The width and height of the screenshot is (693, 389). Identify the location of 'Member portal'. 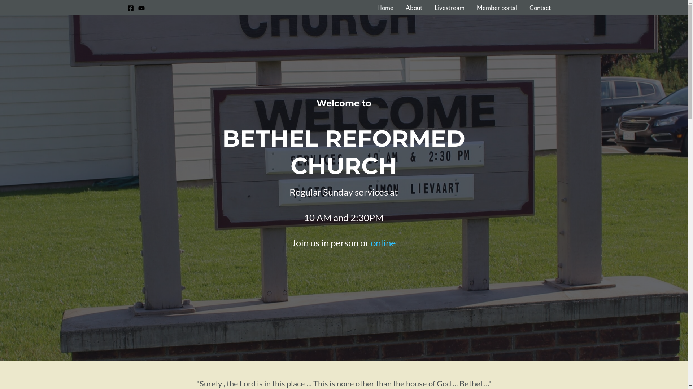
(497, 8).